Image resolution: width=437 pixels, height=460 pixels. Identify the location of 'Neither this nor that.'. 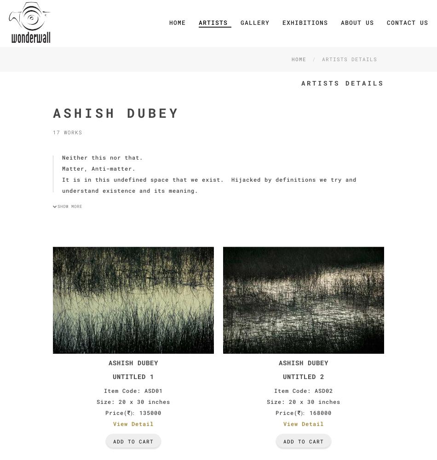
(102, 156).